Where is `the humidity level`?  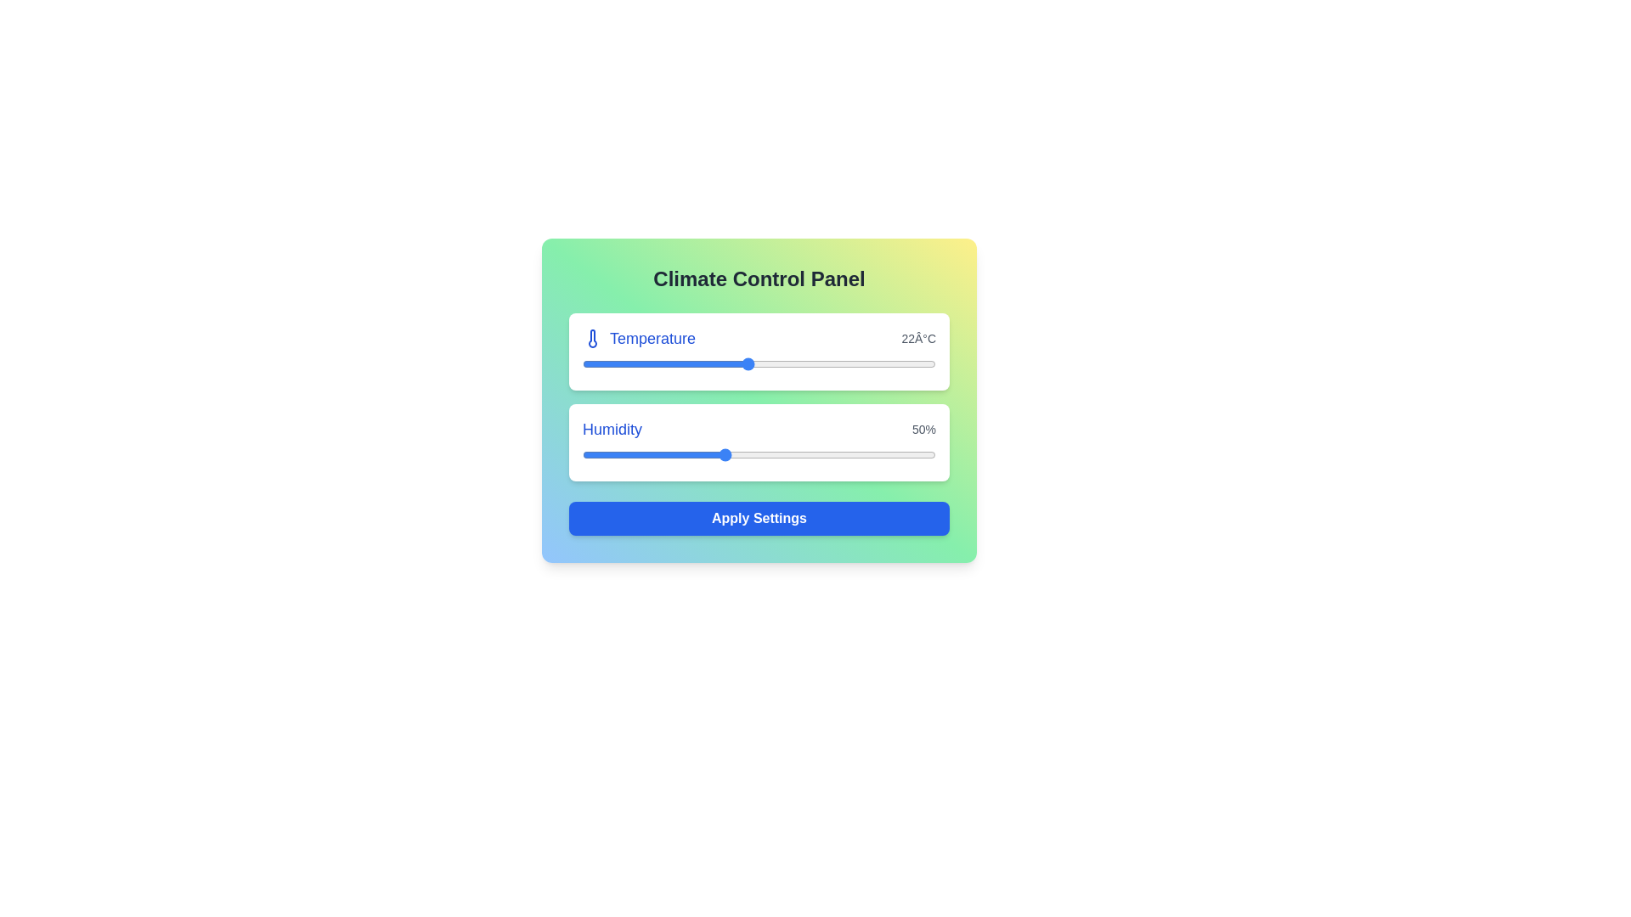 the humidity level is located at coordinates (765, 454).